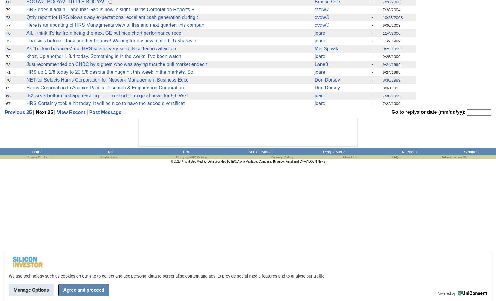  What do you see at coordinates (278, 161) in the screenshot?
I see `'Binance'` at bounding box center [278, 161].